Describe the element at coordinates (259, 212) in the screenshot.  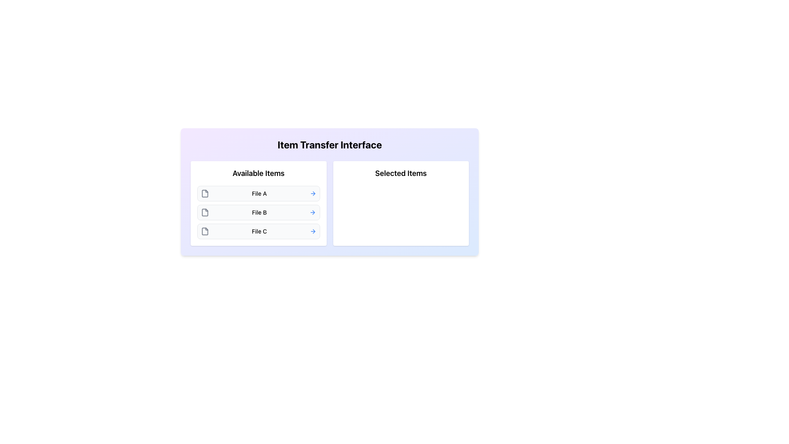
I see `label of the text element displaying 'File B' in the Item Transfer Interface, which is the second entry in the list of files` at that location.